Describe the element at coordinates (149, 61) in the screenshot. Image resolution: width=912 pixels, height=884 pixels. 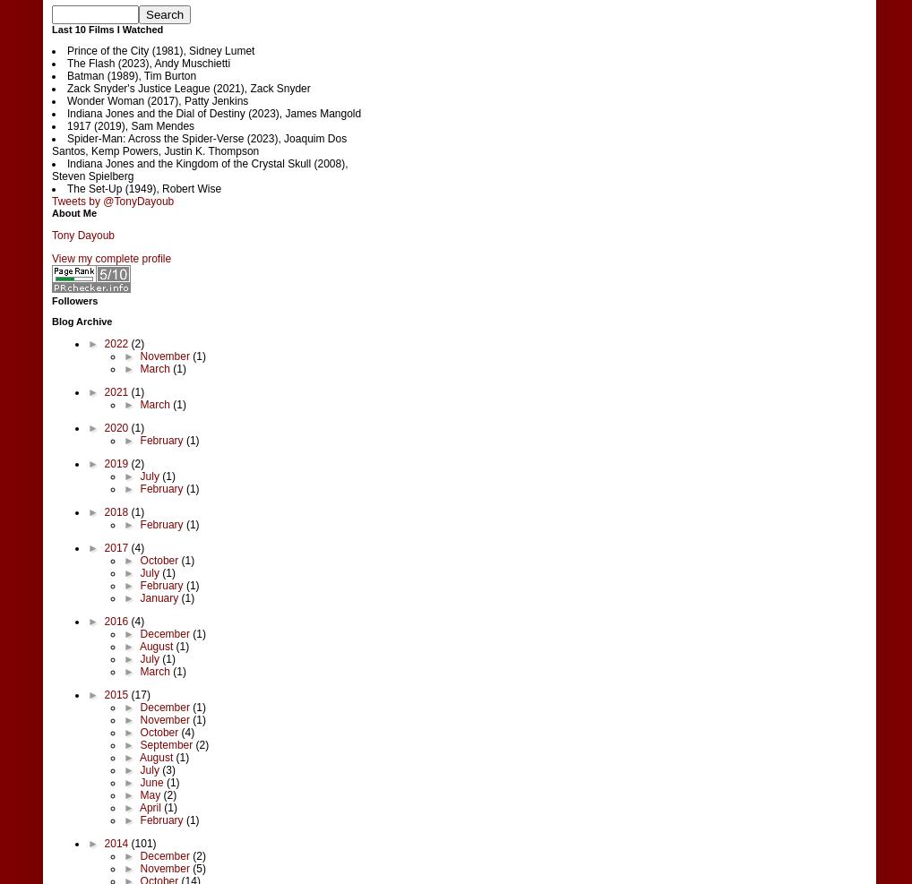
I see `'The Flash (2023), Andy Muschietti'` at that location.